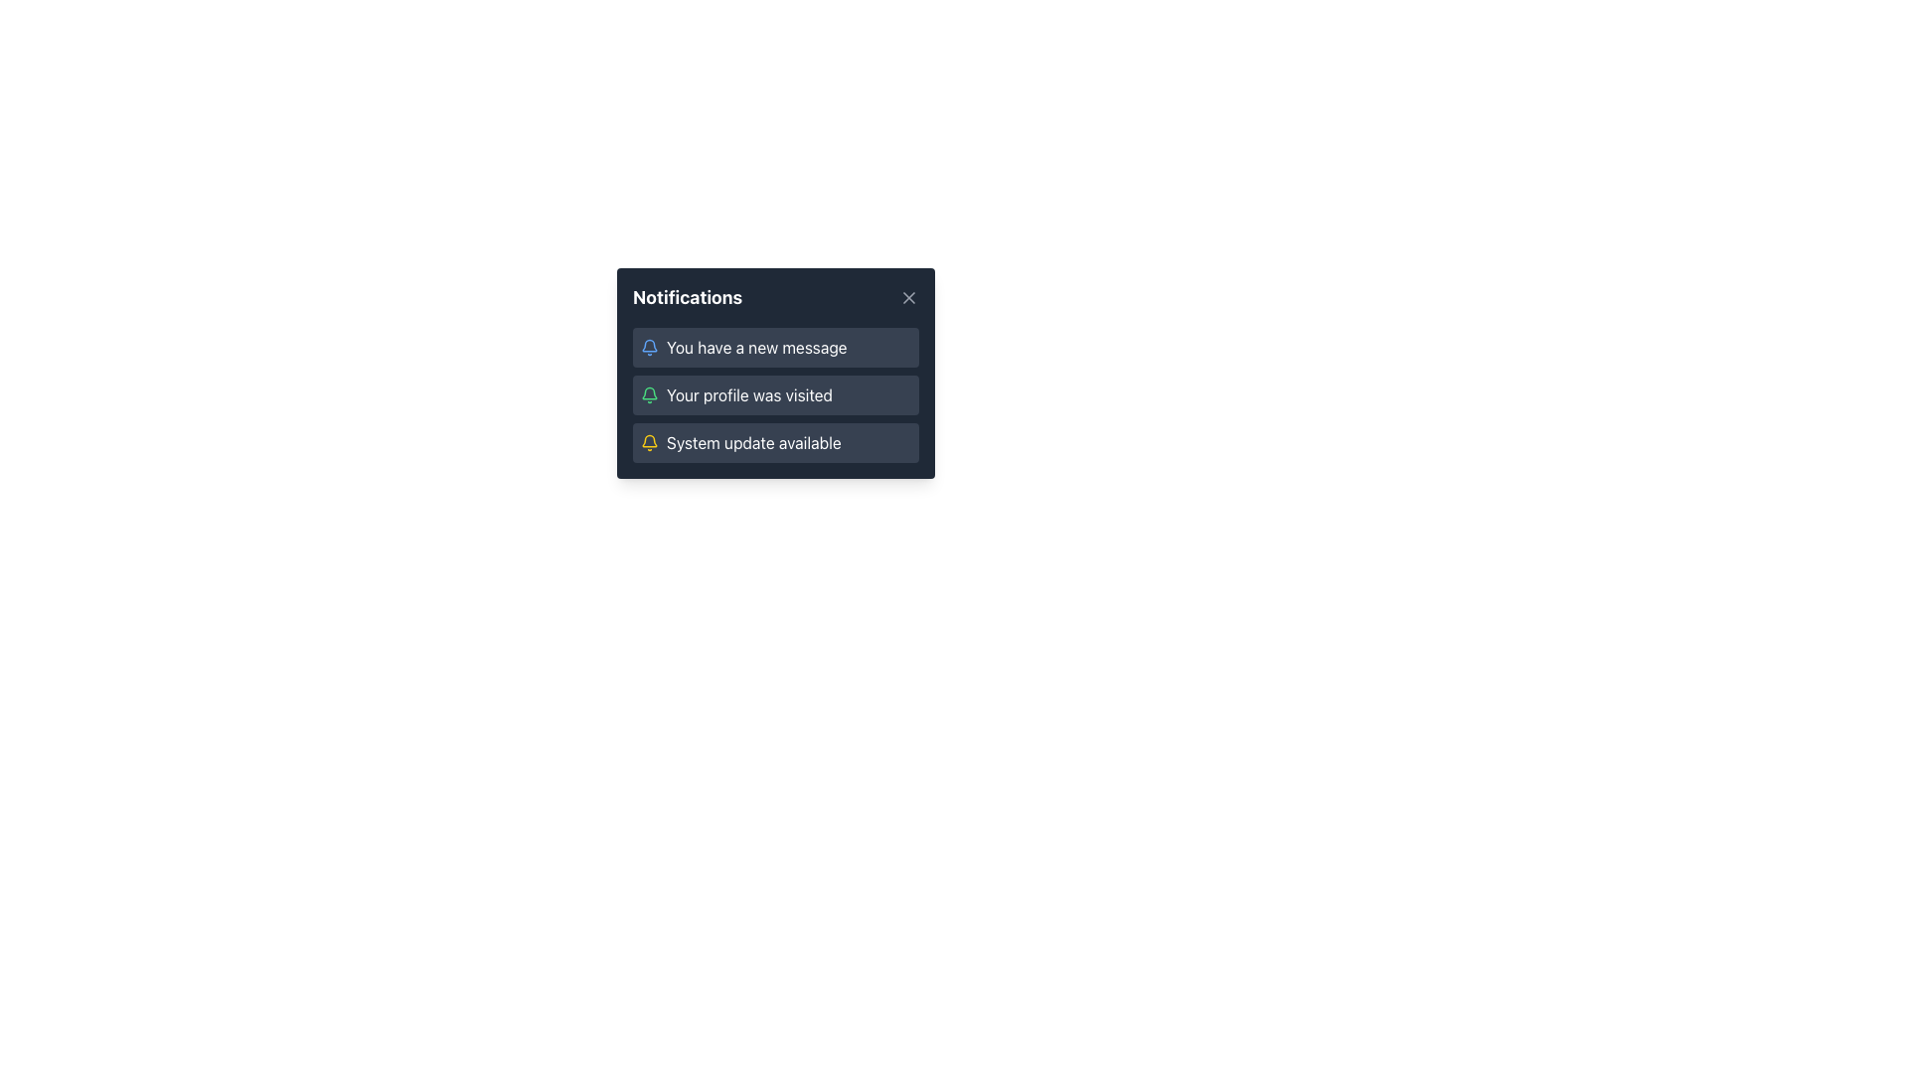 The image size is (1908, 1073). Describe the element at coordinates (775, 347) in the screenshot. I see `the first notification entry indicating a new message` at that location.